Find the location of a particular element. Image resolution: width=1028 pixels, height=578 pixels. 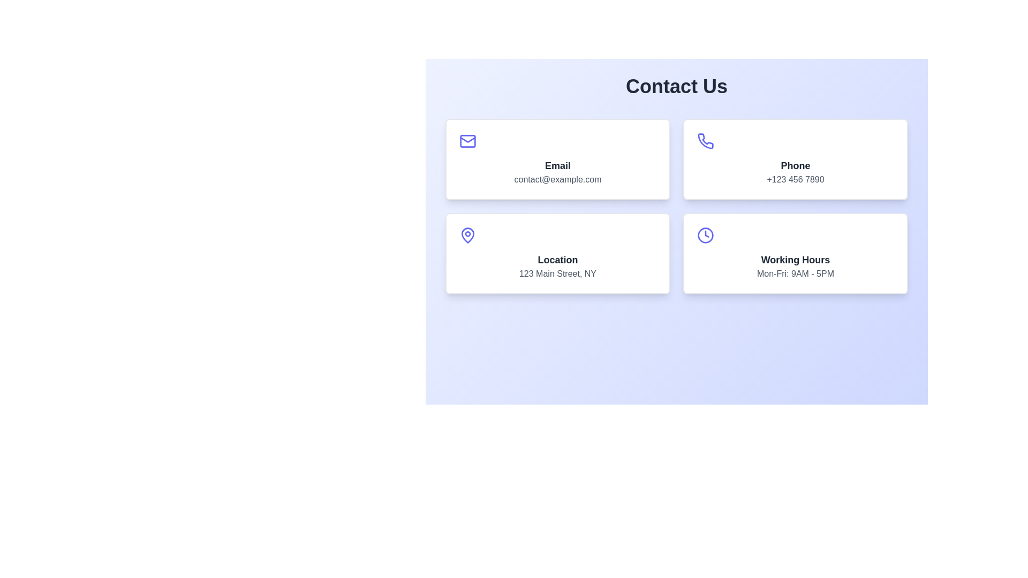

the 'time' icon located in the upper-left area of the 'Working Hours' card, which visually represents working hours is located at coordinates (706, 234).